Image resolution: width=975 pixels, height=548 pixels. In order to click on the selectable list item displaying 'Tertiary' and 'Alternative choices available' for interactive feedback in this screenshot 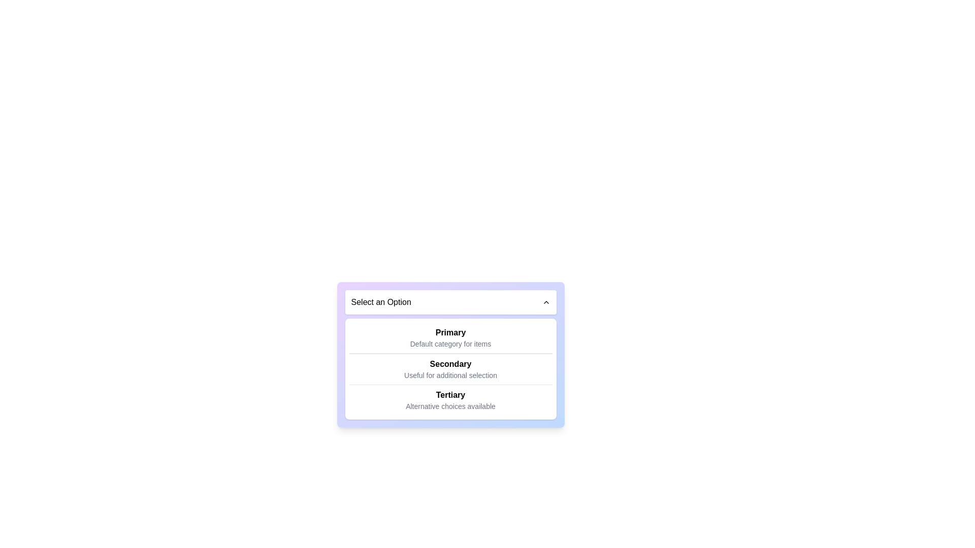, I will do `click(450, 400)`.